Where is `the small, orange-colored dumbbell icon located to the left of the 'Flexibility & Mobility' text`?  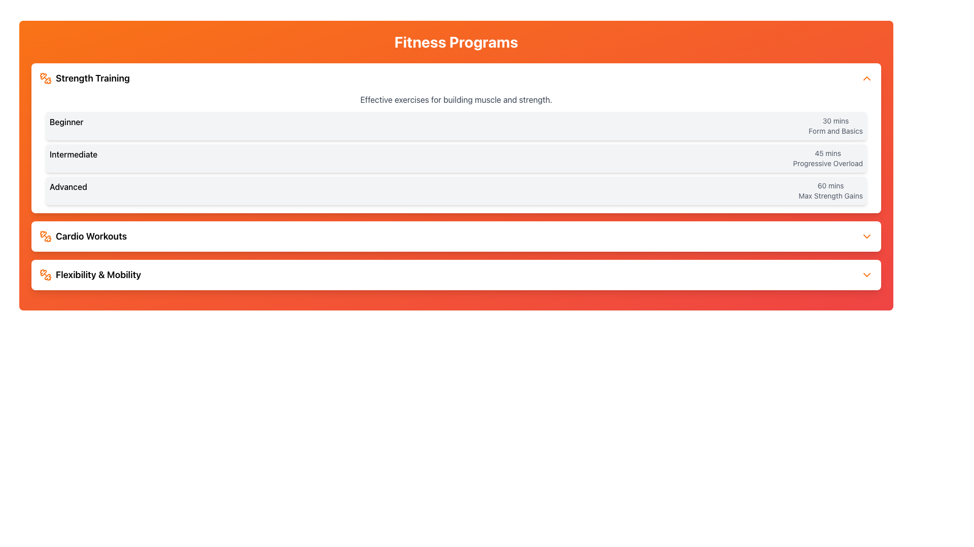 the small, orange-colored dumbbell icon located to the left of the 'Flexibility & Mobility' text is located at coordinates (45, 275).